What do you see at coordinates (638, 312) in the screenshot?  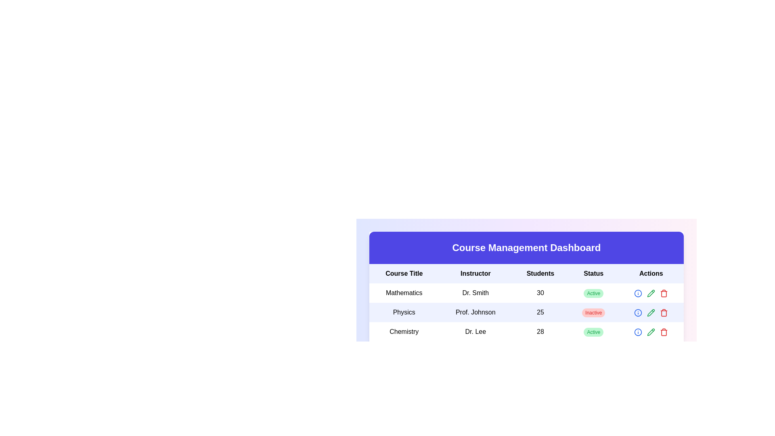 I see `the informational button icon with a blue outline and inner 'i' symbol located in the 'Actions' column of the second row, corresponding to the course 'Physics' with instructor 'Prof. Johnson'` at bounding box center [638, 312].